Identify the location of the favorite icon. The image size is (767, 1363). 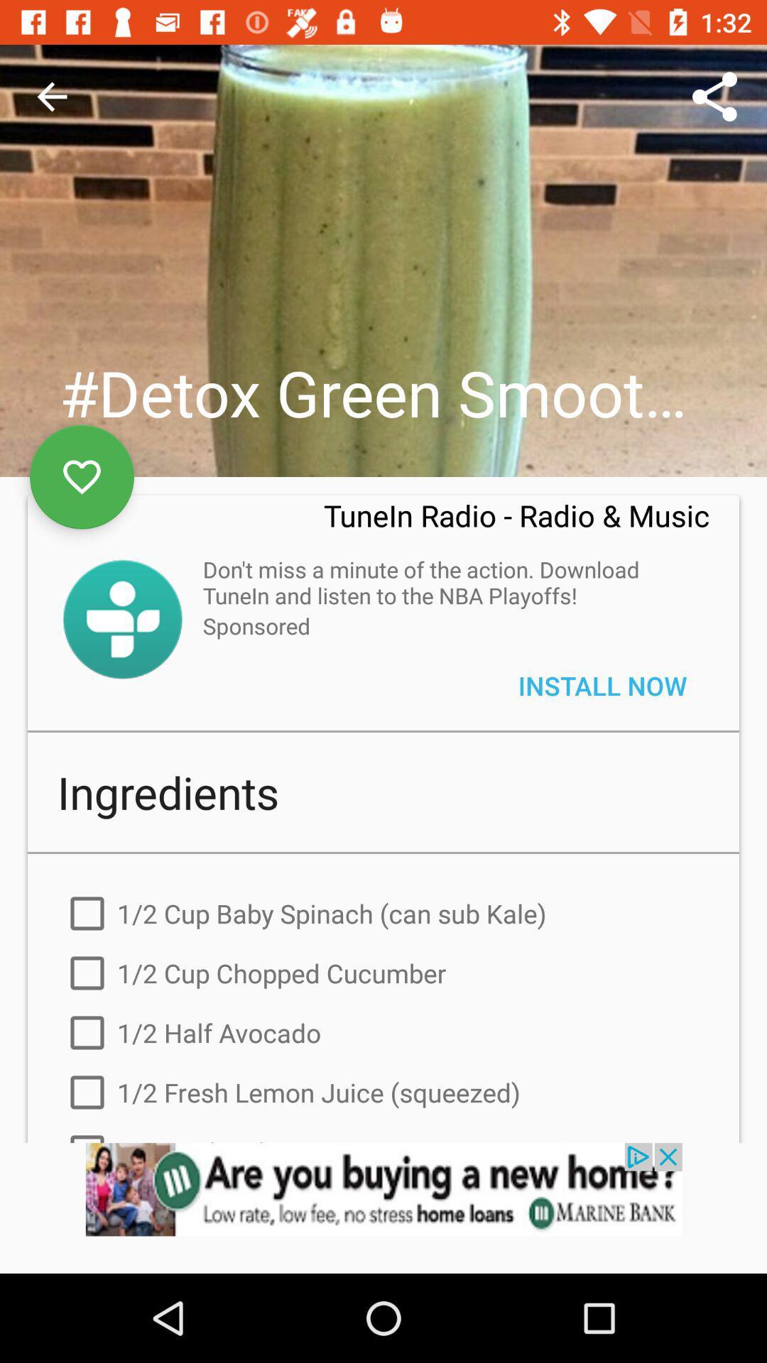
(82, 477).